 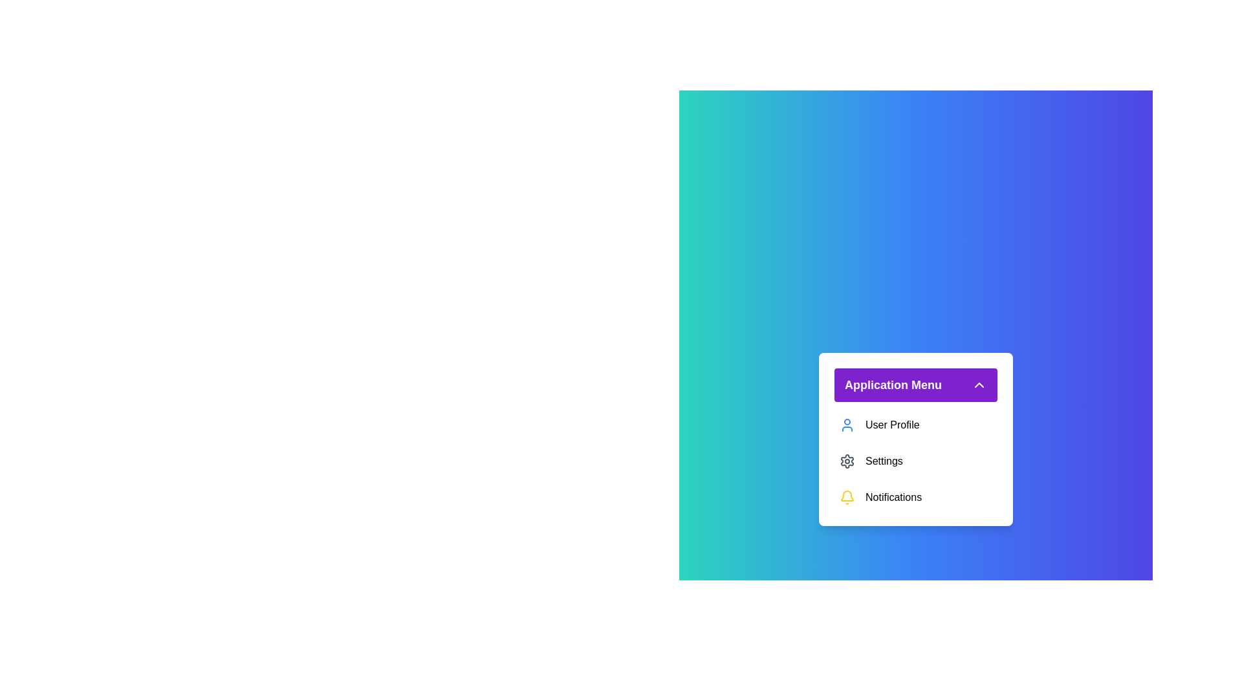 I want to click on the 'Application Menu' button to toggle the menu visibility, so click(x=915, y=385).